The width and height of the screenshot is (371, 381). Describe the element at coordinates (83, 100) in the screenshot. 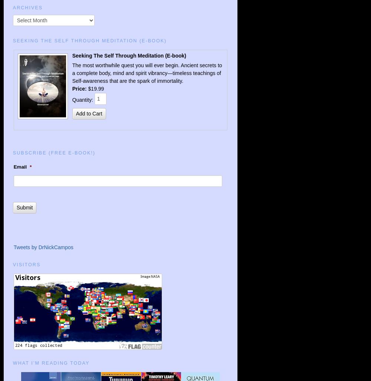

I see `'Quantity:'` at that location.